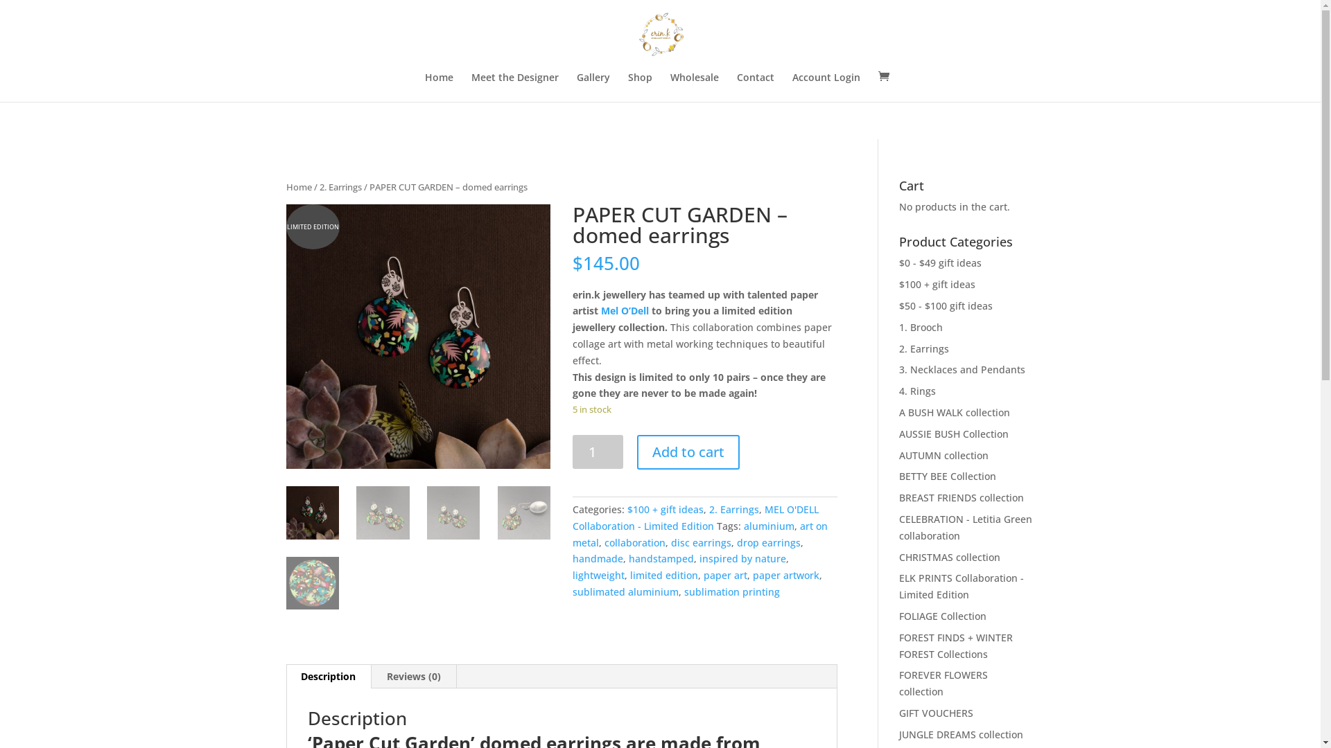  Describe the element at coordinates (572, 558) in the screenshot. I see `'handmade'` at that location.